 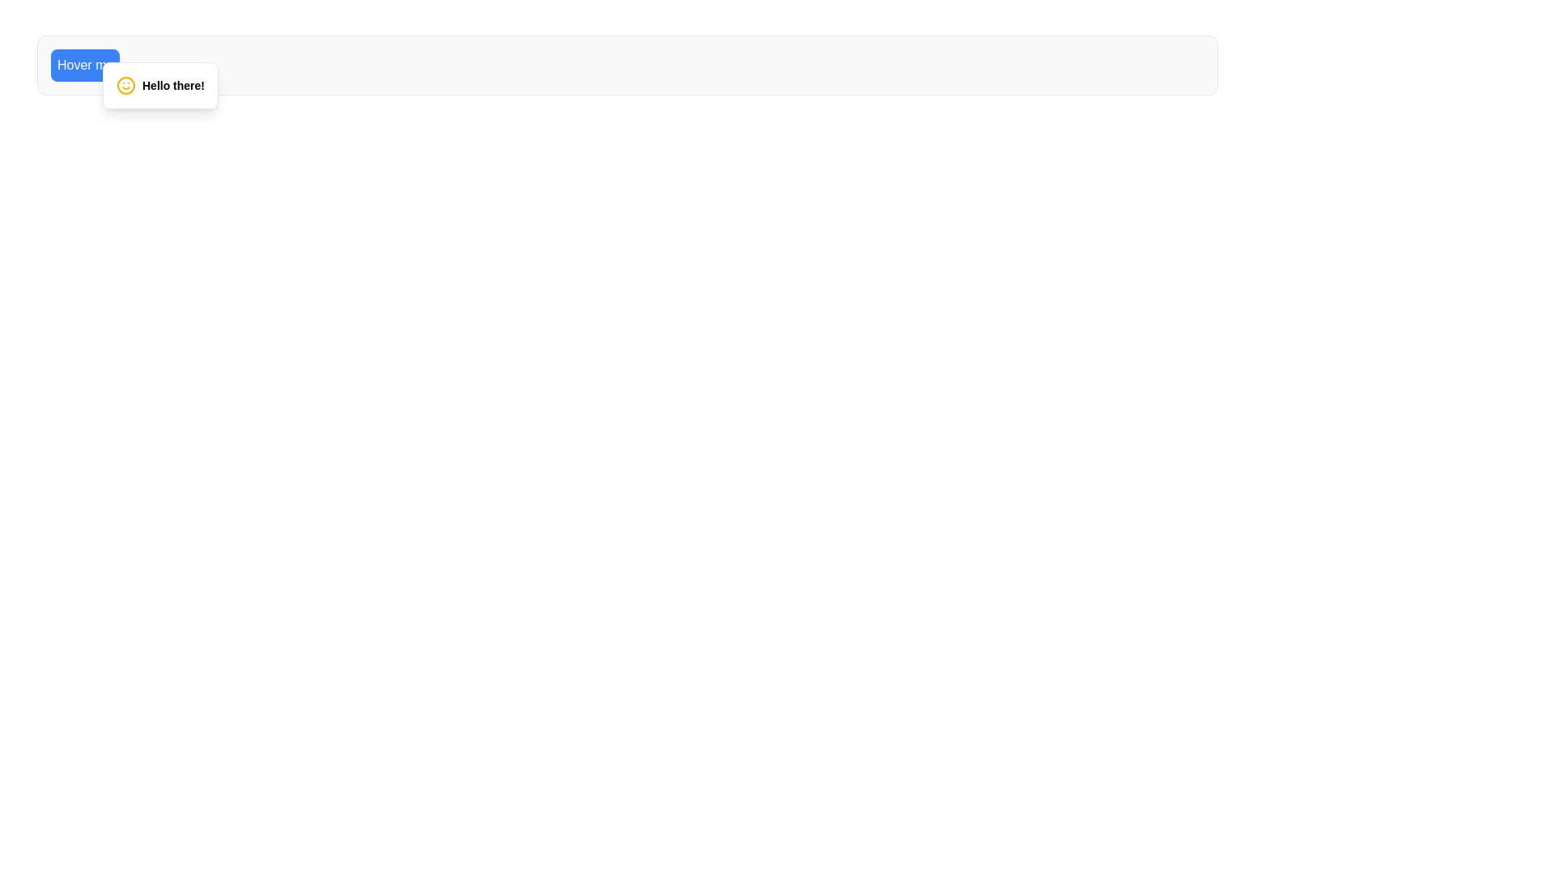 I want to click on the smiley icon located on the left side of the group containing the text 'Hello there!' in the popup box triggered by the blue 'Hover me' button, so click(x=125, y=85).